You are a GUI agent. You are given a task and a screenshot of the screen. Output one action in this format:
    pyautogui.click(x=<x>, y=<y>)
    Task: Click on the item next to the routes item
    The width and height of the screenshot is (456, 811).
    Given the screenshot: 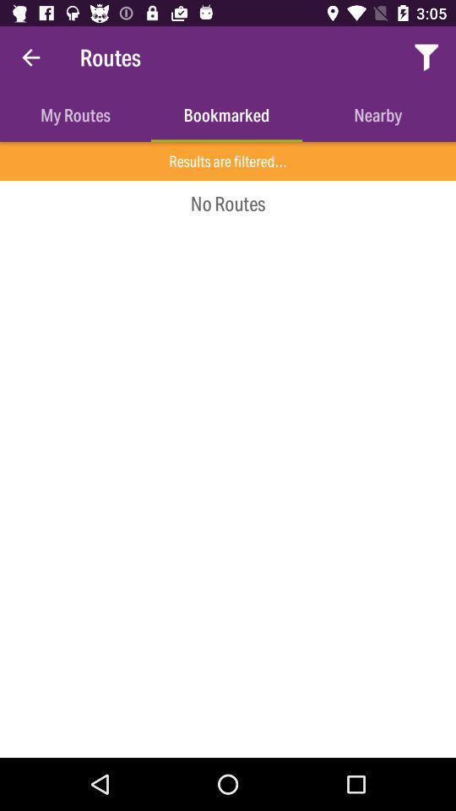 What is the action you would take?
    pyautogui.click(x=30, y=57)
    